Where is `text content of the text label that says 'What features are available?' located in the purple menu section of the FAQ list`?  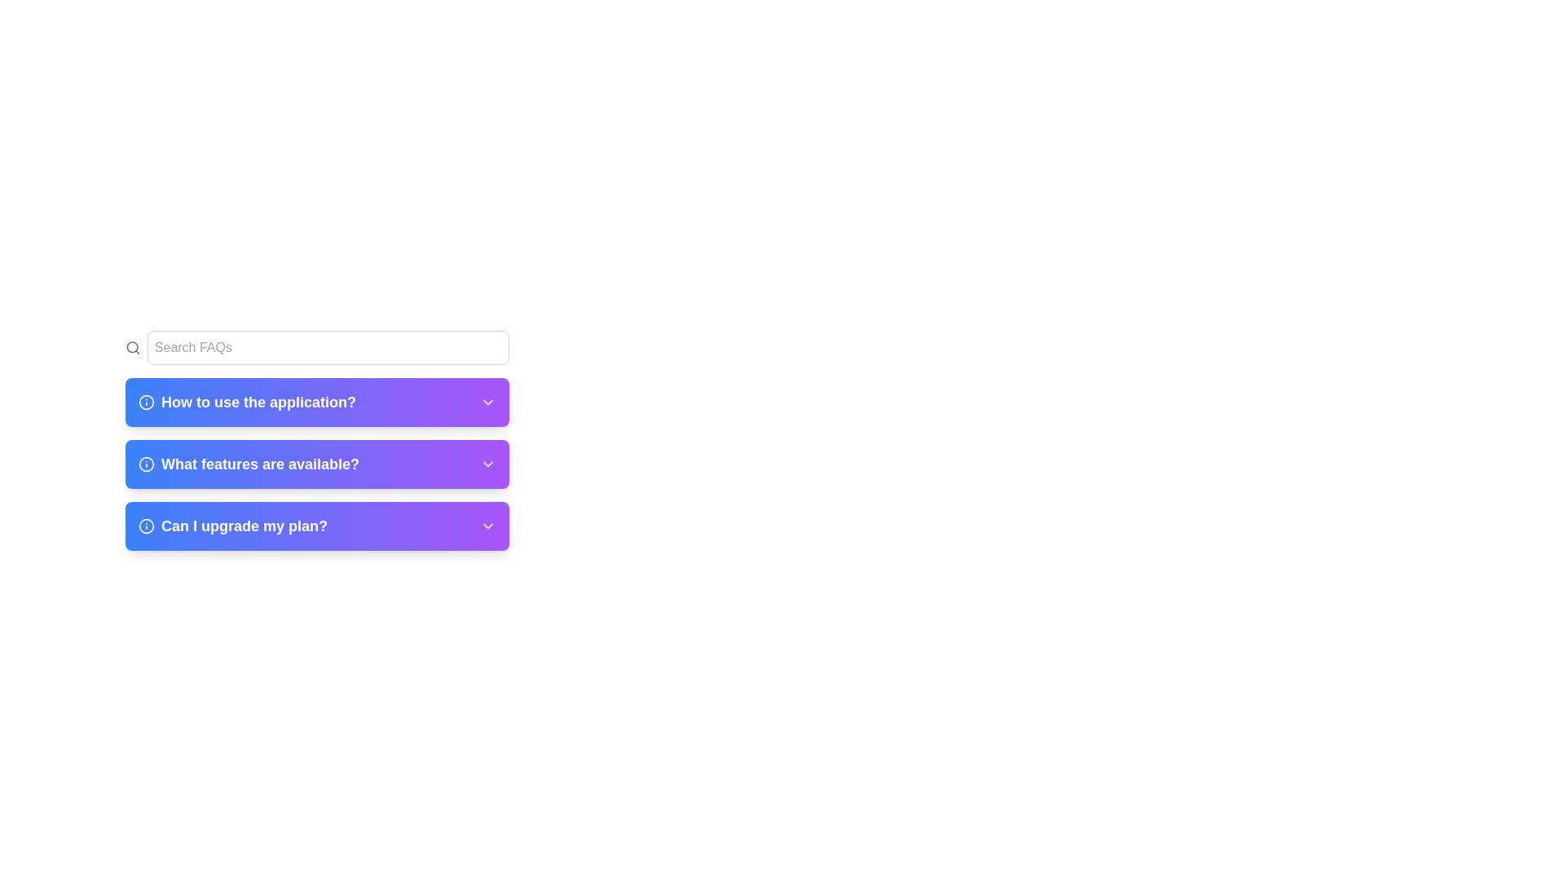 text content of the text label that says 'What features are available?' located in the purple menu section of the FAQ list is located at coordinates (259, 464).